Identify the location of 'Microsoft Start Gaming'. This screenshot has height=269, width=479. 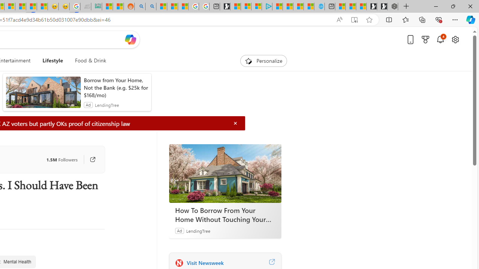
(225, 6).